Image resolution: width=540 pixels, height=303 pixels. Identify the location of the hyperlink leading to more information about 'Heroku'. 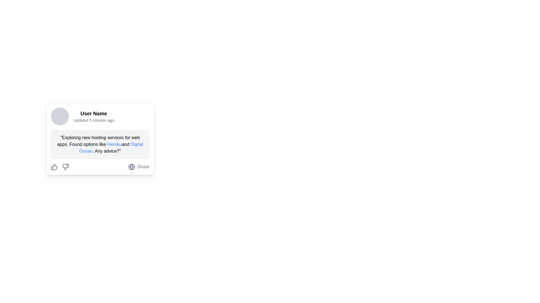
(114, 144).